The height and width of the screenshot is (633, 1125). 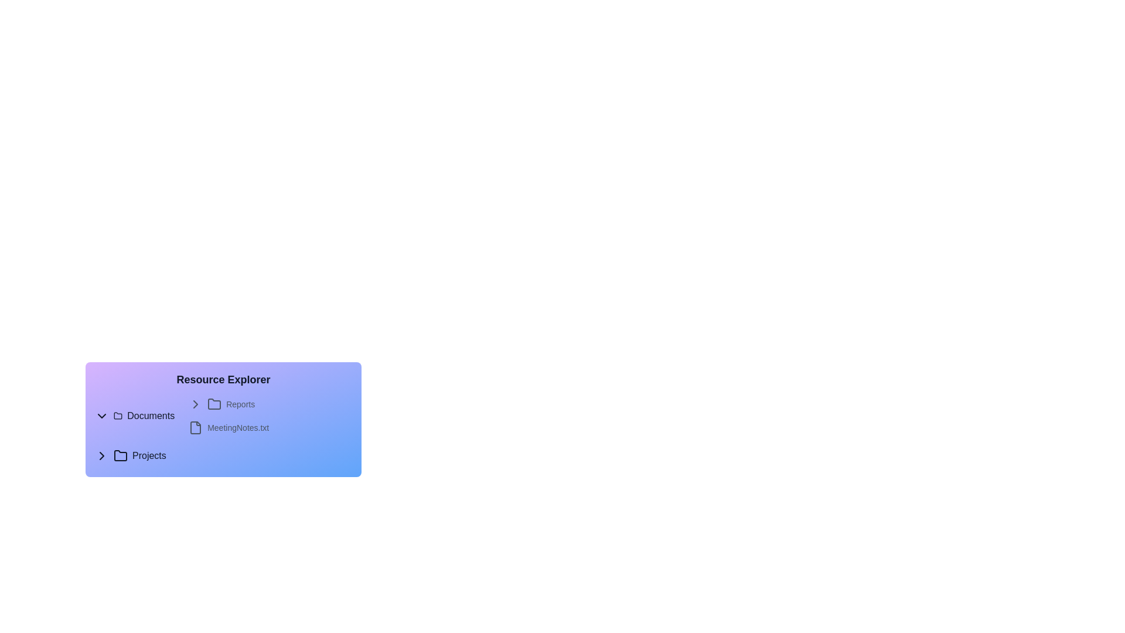 I want to click on the right-facing arrow icon located to the left of the folder icon representing 'Reports', so click(x=196, y=404).